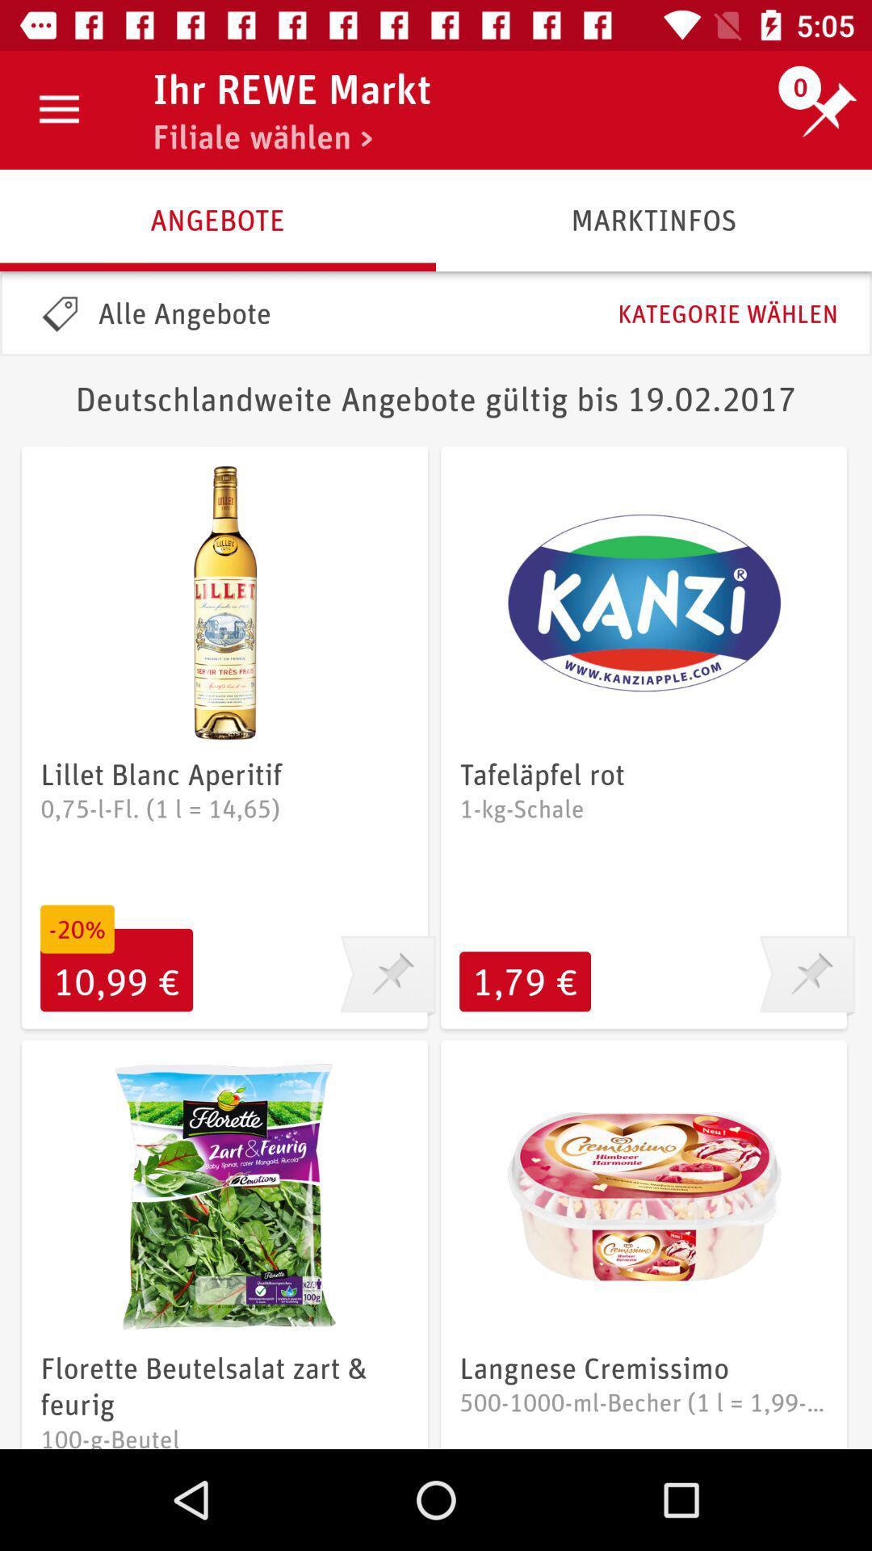 The width and height of the screenshot is (872, 1551). I want to click on the icon next to ihr rewe markt, so click(58, 109).